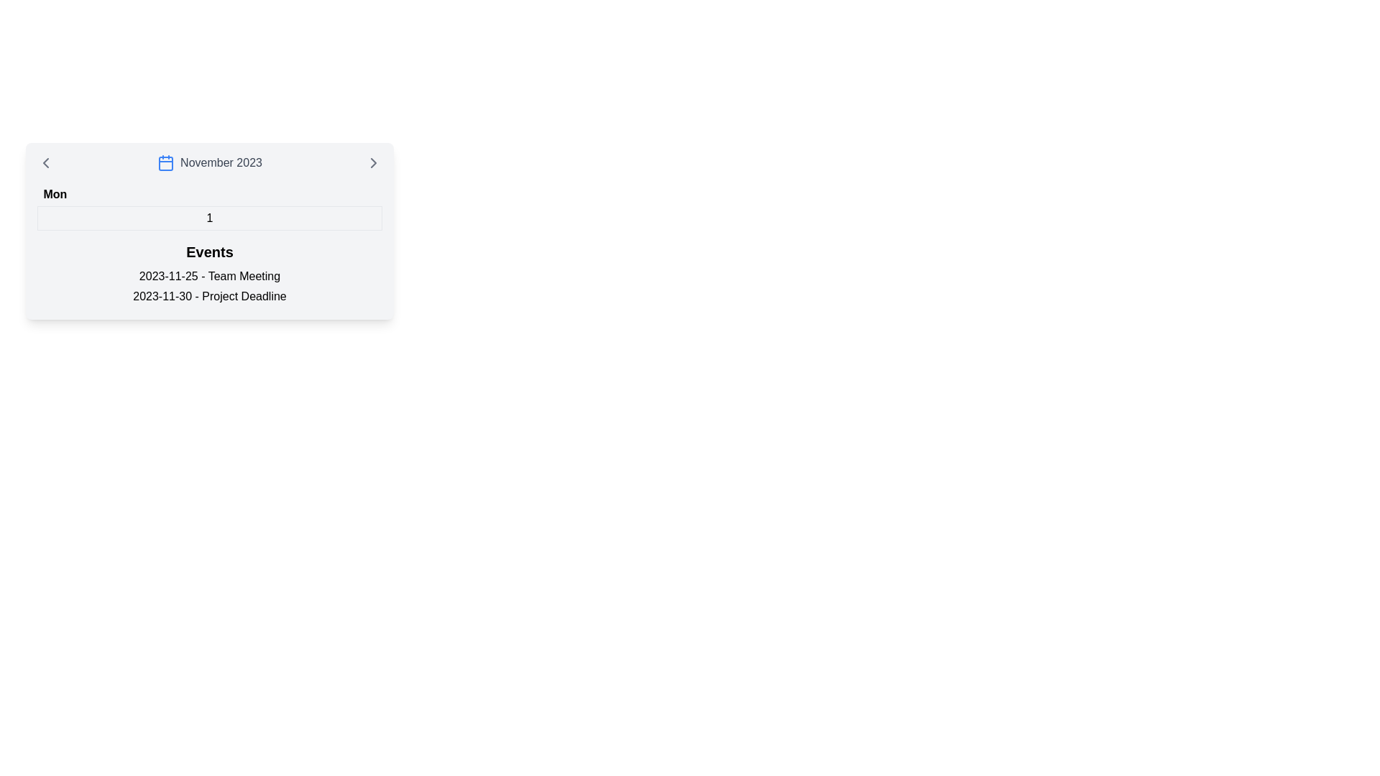 The height and width of the screenshot is (776, 1380). What do you see at coordinates (373, 162) in the screenshot?
I see `the right-chevron icon element, which is a triangular arrow pointing right` at bounding box center [373, 162].